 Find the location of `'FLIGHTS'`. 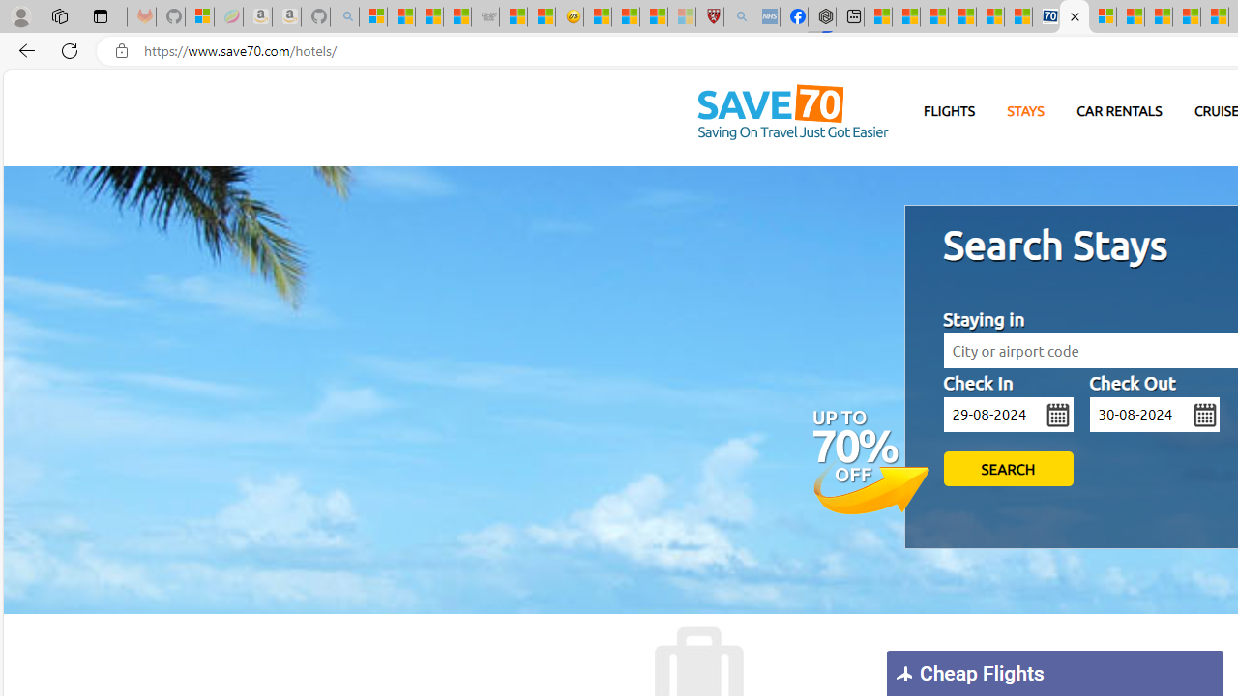

'FLIGHTS' is located at coordinates (949, 111).